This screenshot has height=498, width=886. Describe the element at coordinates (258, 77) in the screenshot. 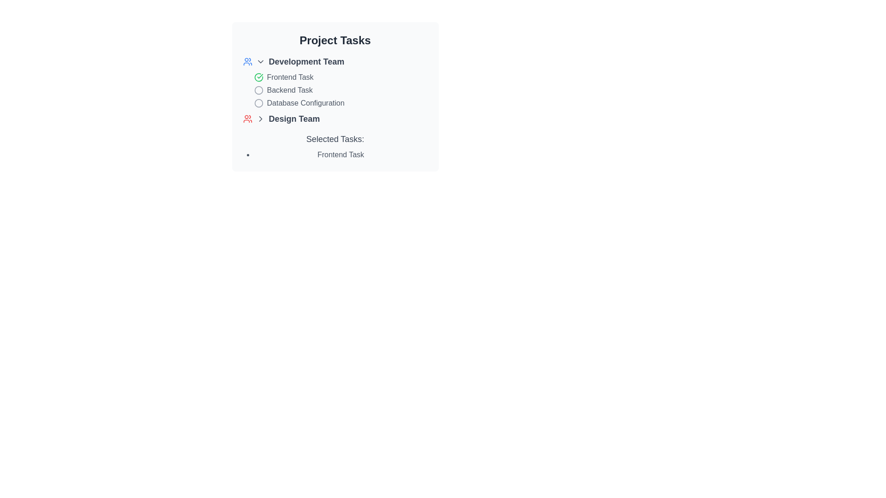

I see `the green checkmark icon indicating the completion of the 'Frontend Task' in the 'Development Team' section under 'Project Tasks'` at that location.